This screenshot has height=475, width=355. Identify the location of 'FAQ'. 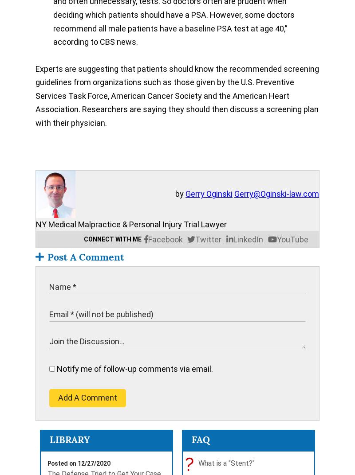
(200, 439).